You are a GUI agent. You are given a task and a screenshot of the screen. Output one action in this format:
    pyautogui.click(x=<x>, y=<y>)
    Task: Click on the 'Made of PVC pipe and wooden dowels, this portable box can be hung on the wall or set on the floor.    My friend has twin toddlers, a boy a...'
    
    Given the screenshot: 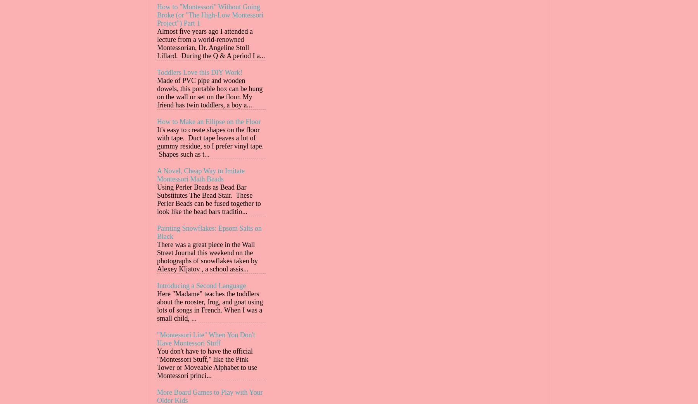 What is the action you would take?
    pyautogui.click(x=209, y=92)
    